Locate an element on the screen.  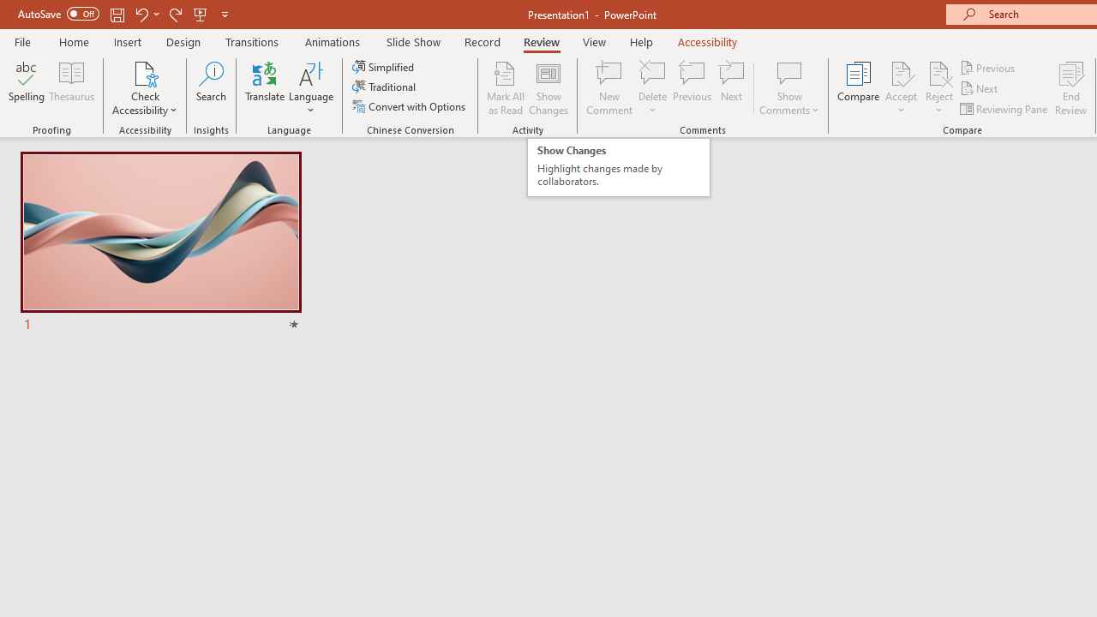
'Reject Change' is located at coordinates (938, 72).